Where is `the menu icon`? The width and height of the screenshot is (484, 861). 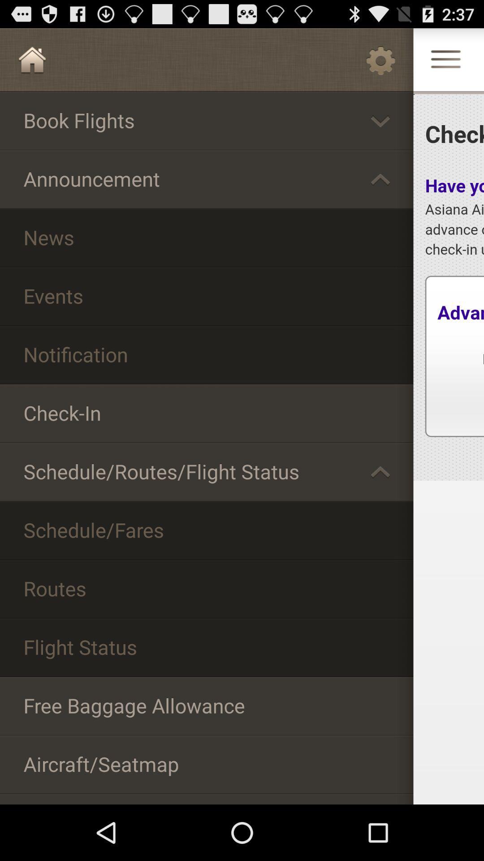 the menu icon is located at coordinates (445, 65).